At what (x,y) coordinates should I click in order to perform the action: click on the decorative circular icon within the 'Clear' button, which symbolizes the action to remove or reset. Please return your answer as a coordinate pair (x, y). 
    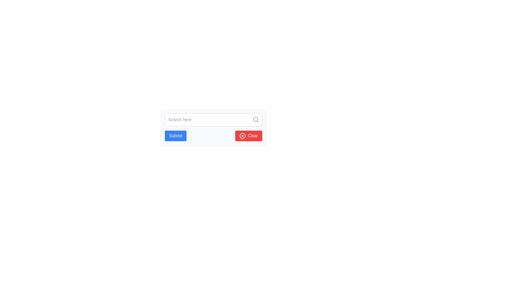
    Looking at the image, I should click on (242, 136).